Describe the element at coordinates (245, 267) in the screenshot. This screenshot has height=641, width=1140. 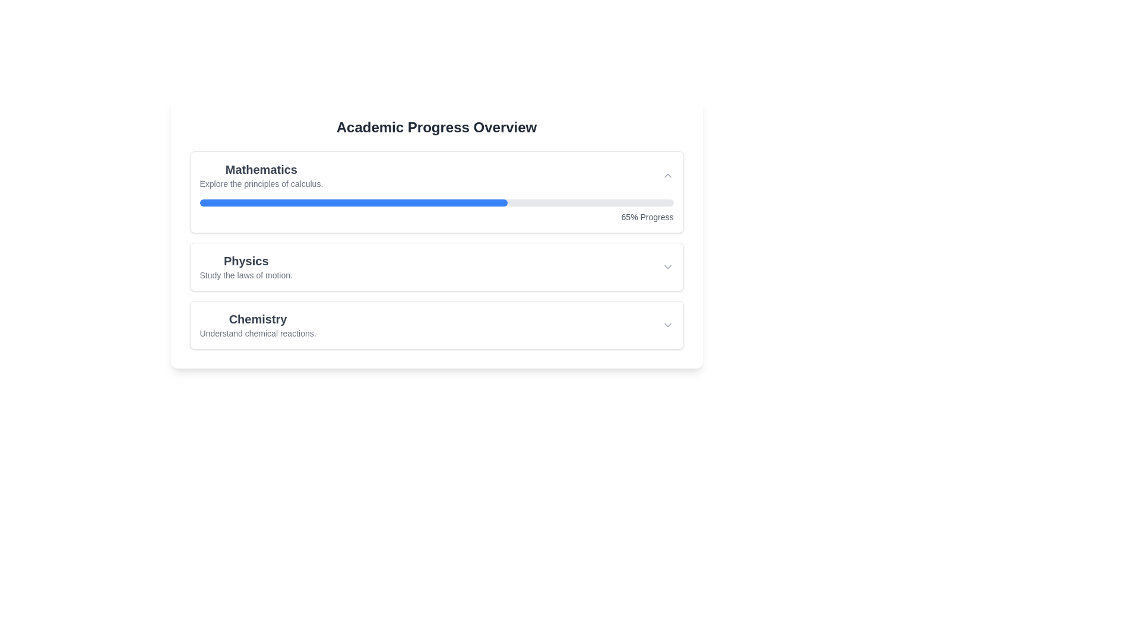
I see `the Text block titled 'Physics' which contains the subtitle 'Study the laws of motion.'` at that location.